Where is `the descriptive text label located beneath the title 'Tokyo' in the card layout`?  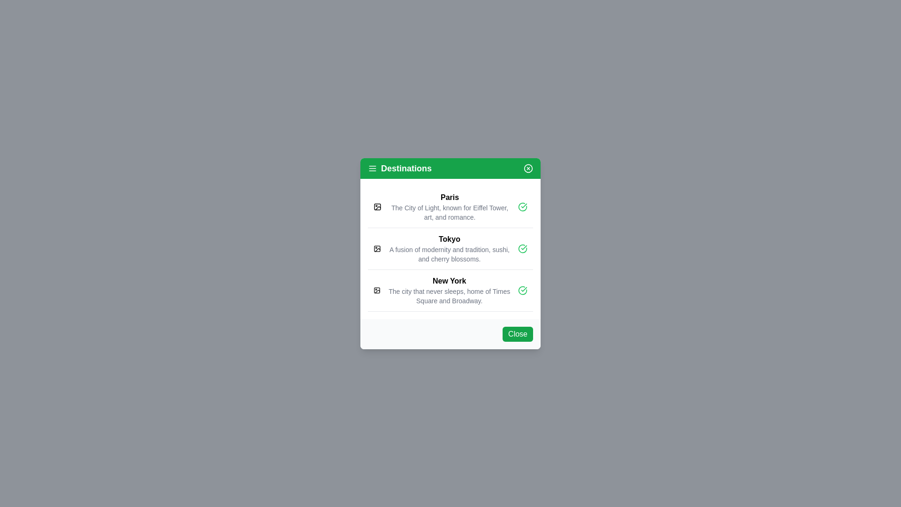 the descriptive text label located beneath the title 'Tokyo' in the card layout is located at coordinates (449, 254).